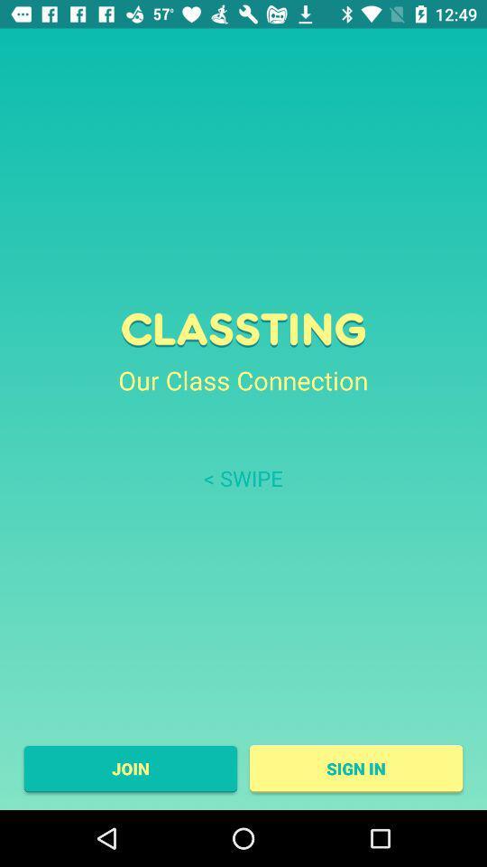 The image size is (487, 867). I want to click on sign in icon, so click(356, 768).